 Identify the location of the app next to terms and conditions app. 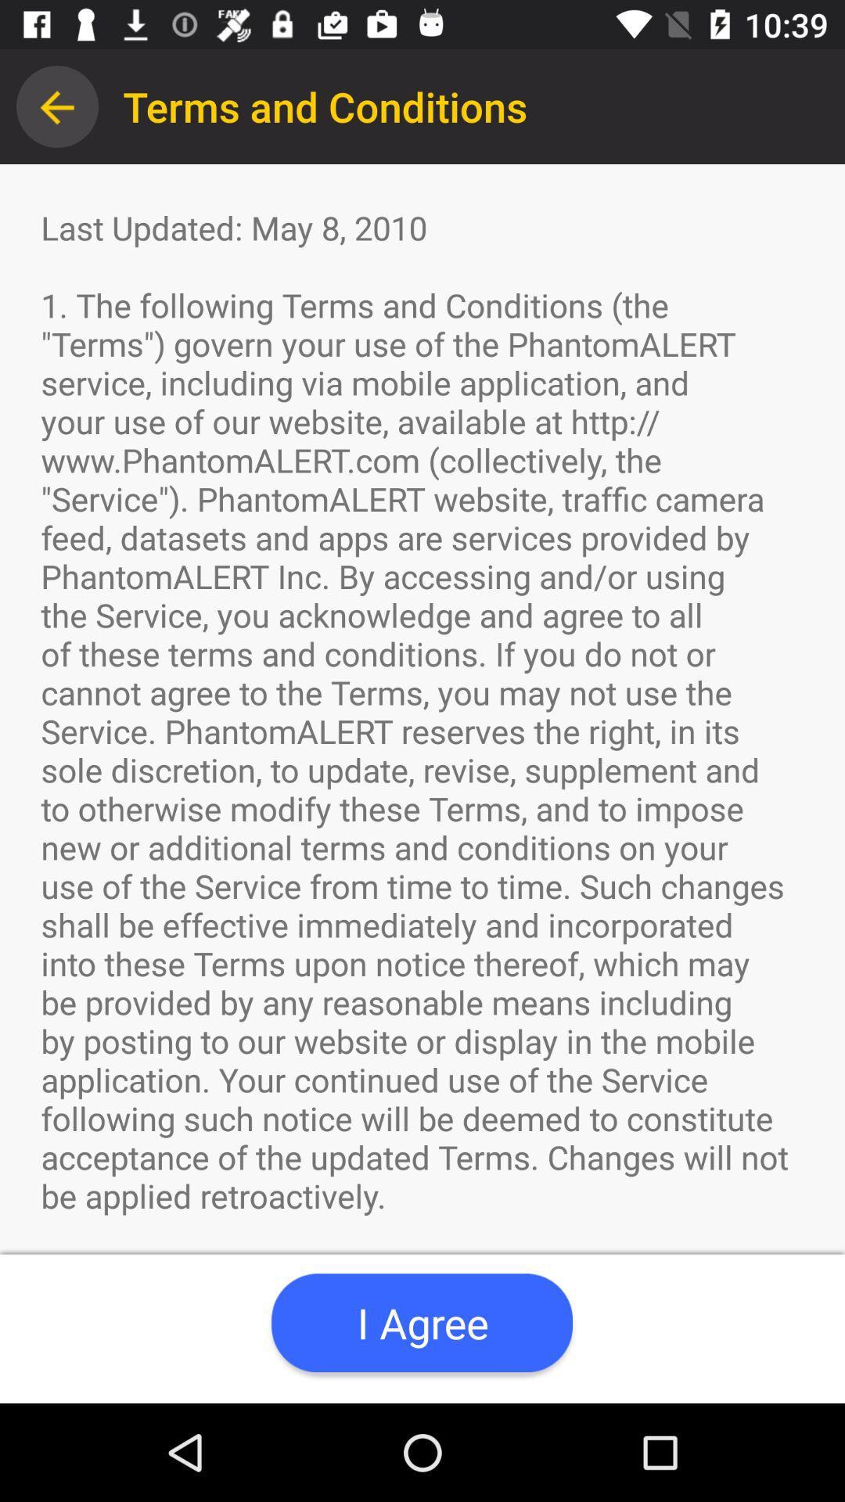
(56, 106).